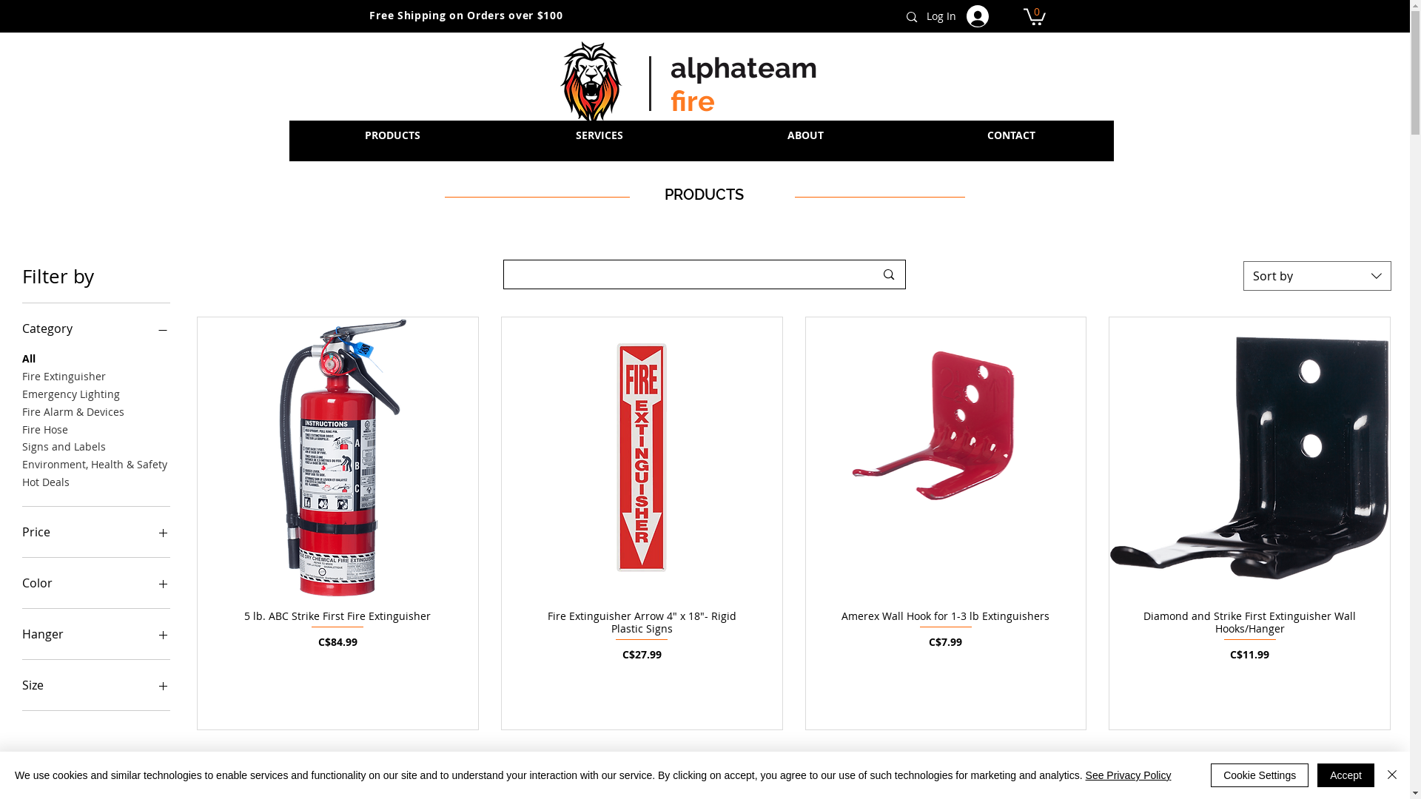 Image resolution: width=1421 pixels, height=799 pixels. Describe the element at coordinates (803, 146) in the screenshot. I see `'ABOUT'` at that location.